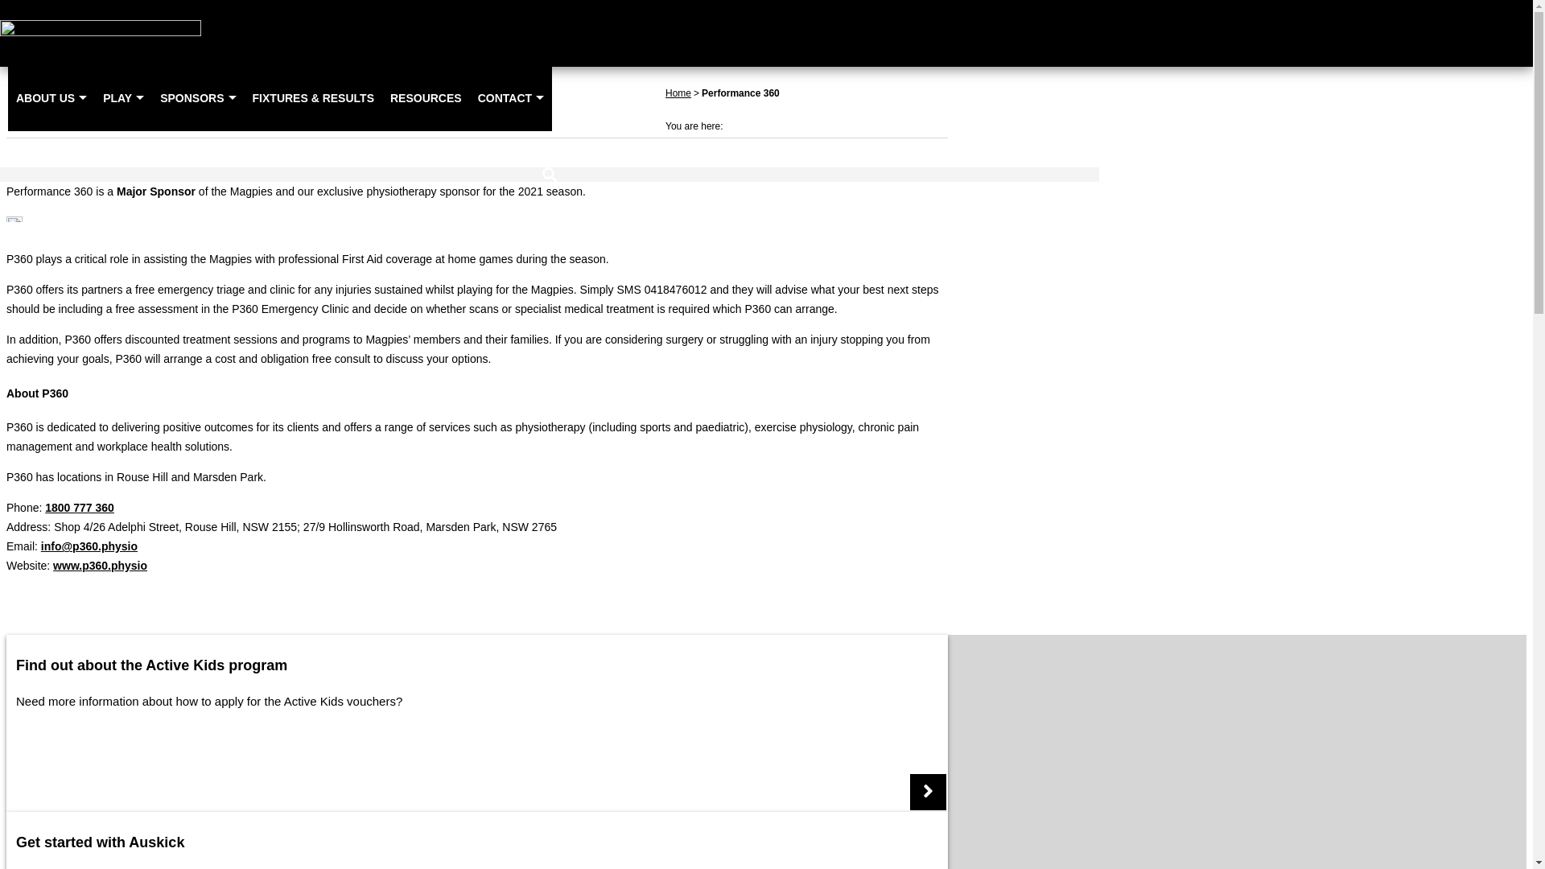 This screenshot has height=869, width=1545. I want to click on 'info@p360.physio', so click(88, 545).